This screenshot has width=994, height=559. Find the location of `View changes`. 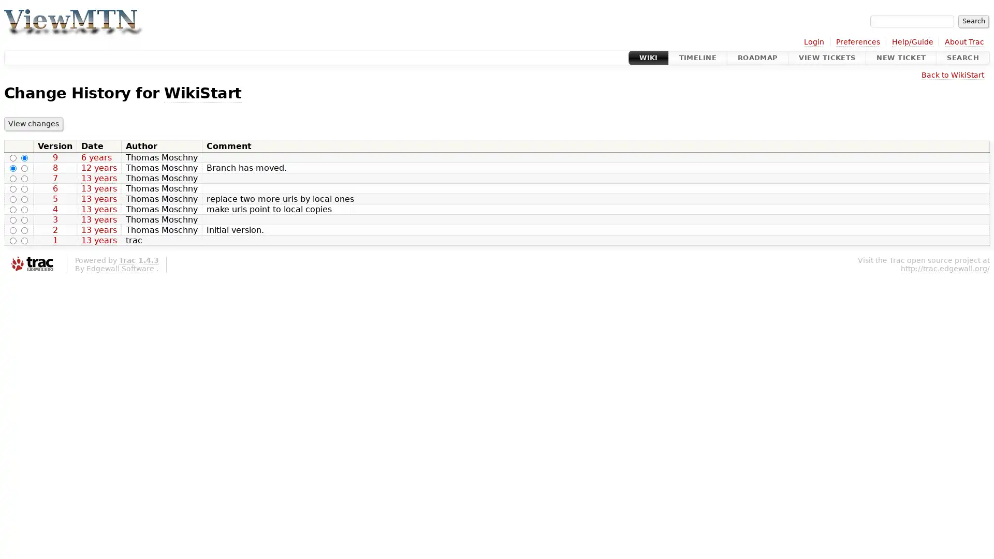

View changes is located at coordinates (34, 123).